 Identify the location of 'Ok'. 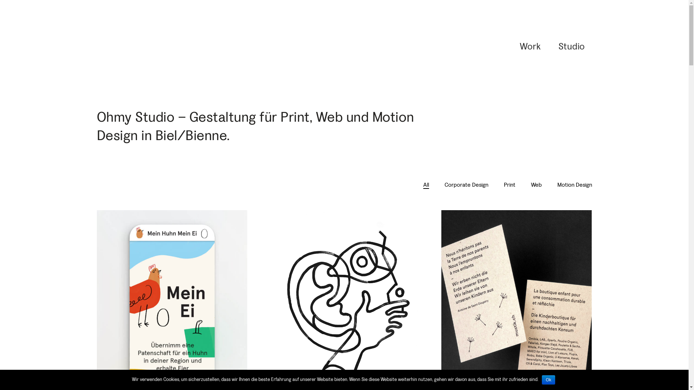
(541, 380).